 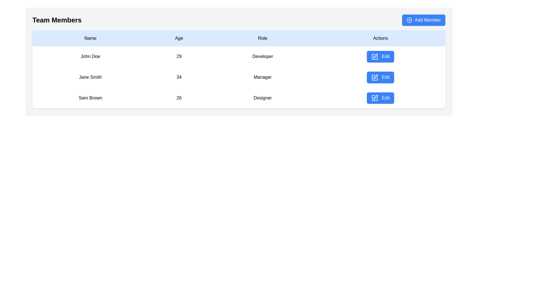 What do you see at coordinates (409, 20) in the screenshot?
I see `the circular icon with a plus sign located to the left of the 'Add Member' label` at bounding box center [409, 20].